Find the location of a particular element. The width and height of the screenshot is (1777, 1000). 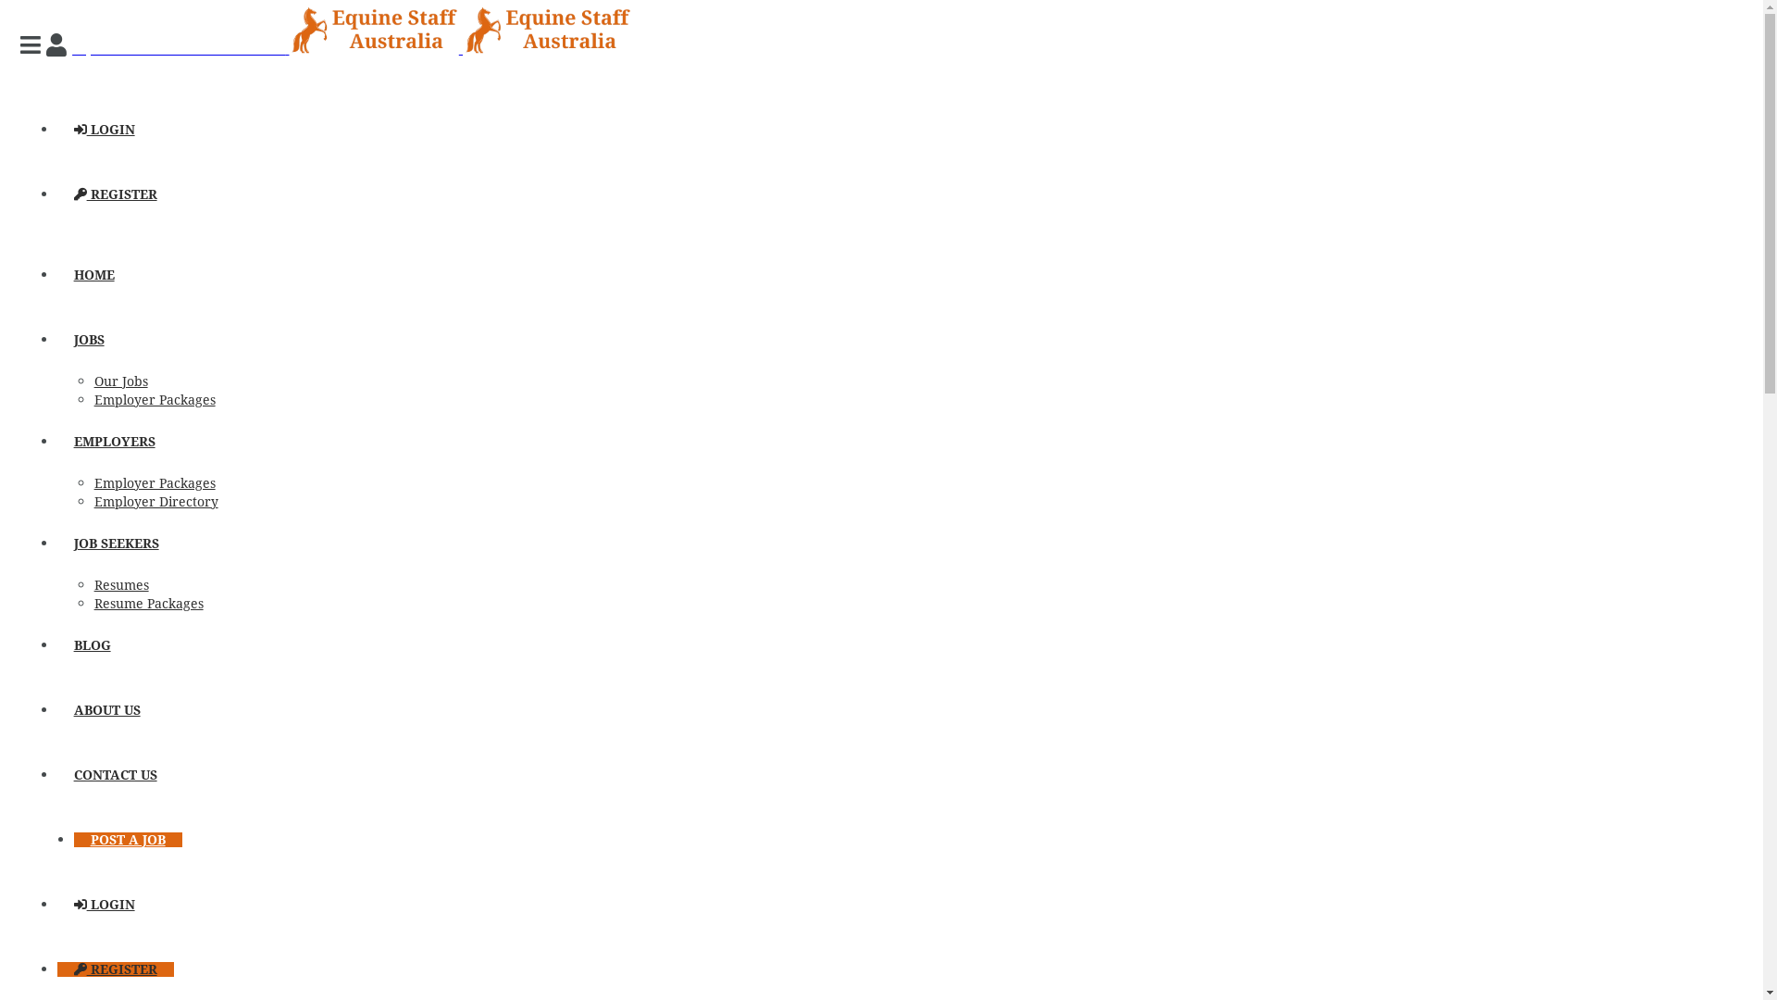

'POST A JOB' is located at coordinates (127, 839).